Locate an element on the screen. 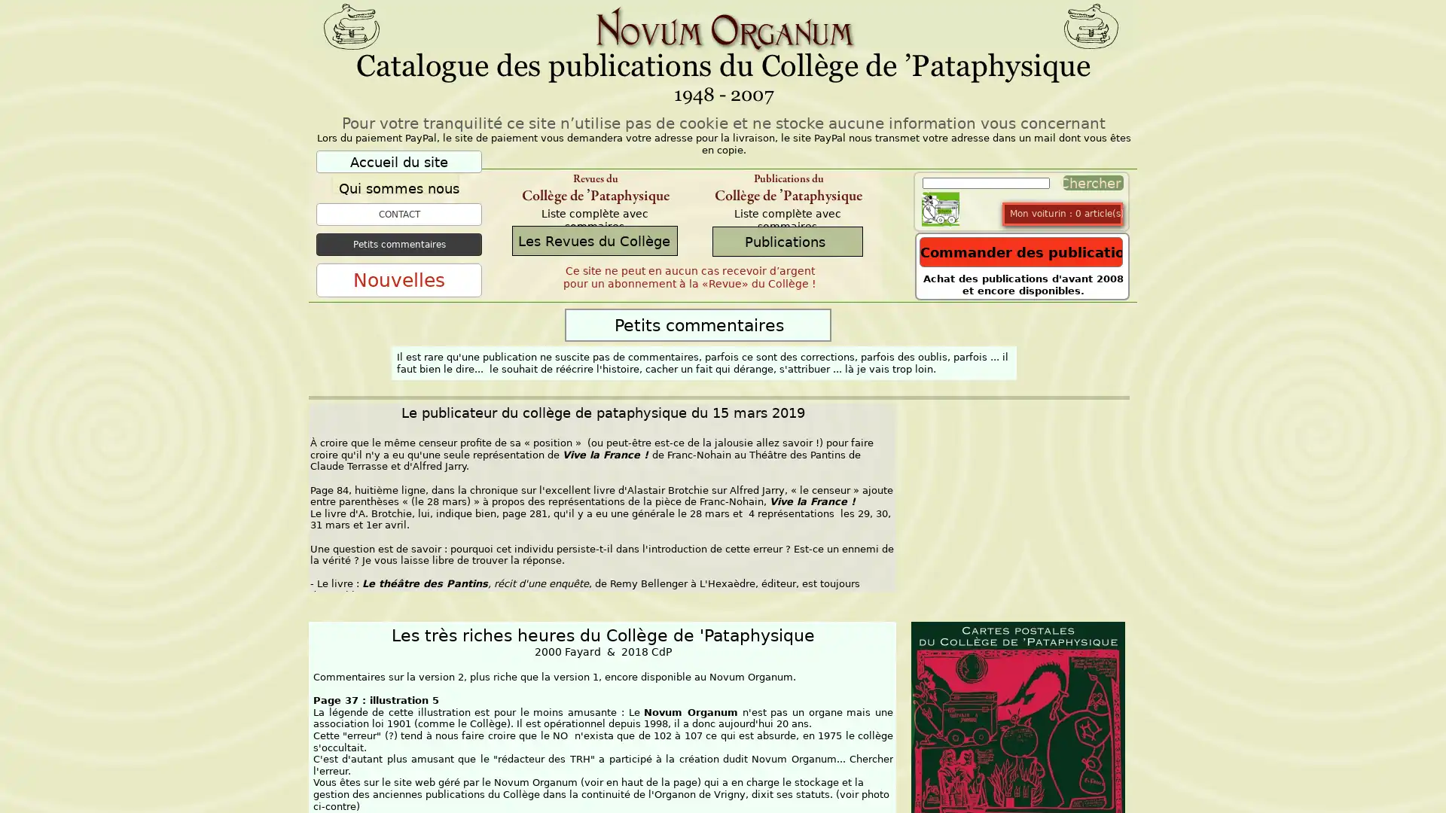 Image resolution: width=1446 pixels, height=813 pixels. Chercher is located at coordinates (1089, 182).